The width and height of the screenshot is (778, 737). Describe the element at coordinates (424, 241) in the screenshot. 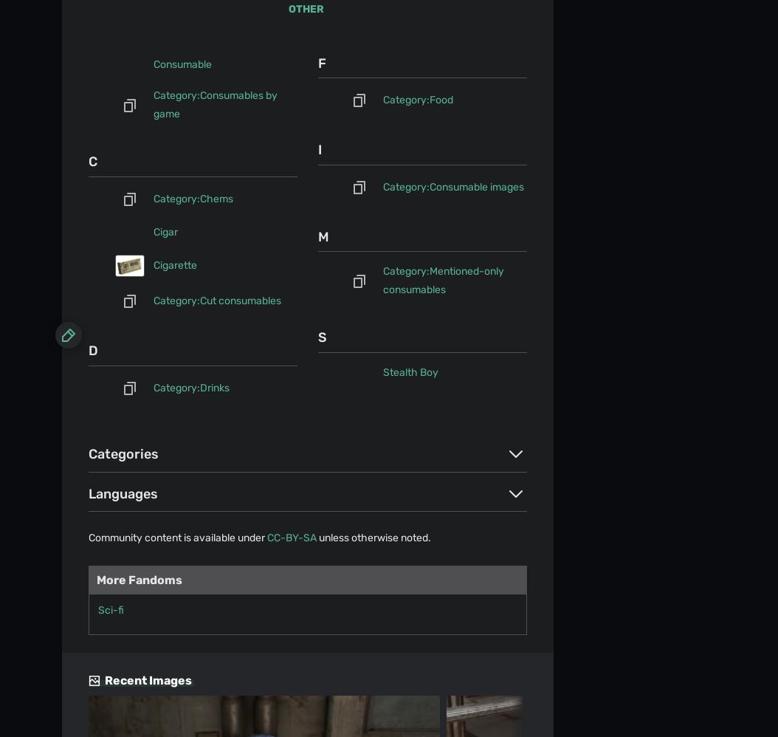

I see `'Do Not Sell or Share My Personal Information'` at that location.